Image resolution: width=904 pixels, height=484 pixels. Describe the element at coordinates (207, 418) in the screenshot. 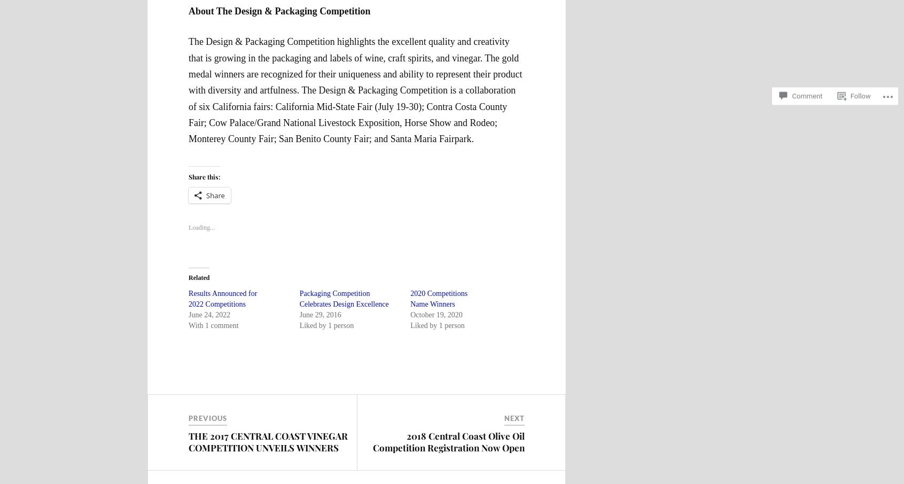

I see `'Previous'` at that location.